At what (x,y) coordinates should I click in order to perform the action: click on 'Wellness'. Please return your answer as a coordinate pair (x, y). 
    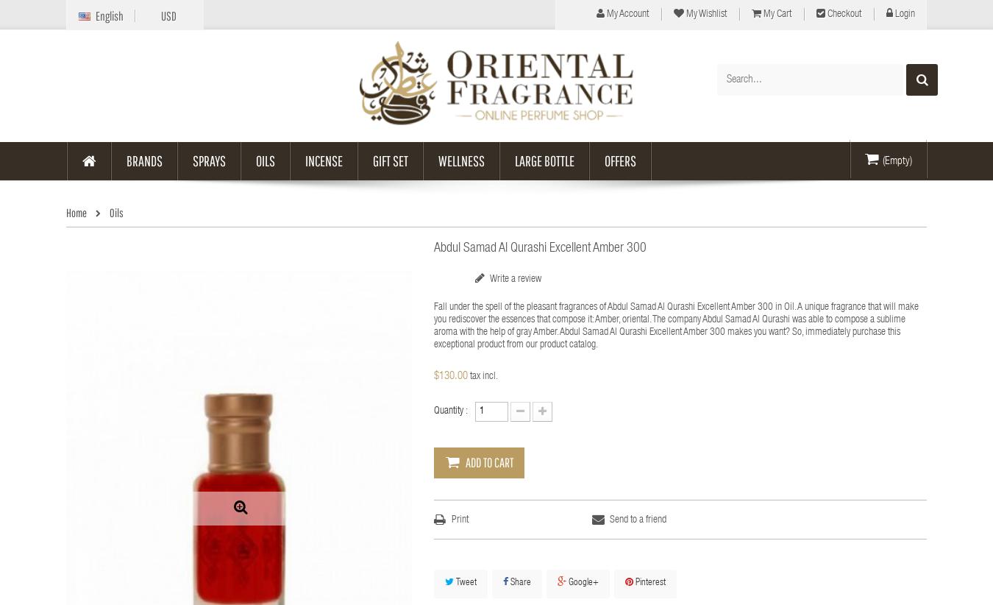
    Looking at the image, I should click on (461, 160).